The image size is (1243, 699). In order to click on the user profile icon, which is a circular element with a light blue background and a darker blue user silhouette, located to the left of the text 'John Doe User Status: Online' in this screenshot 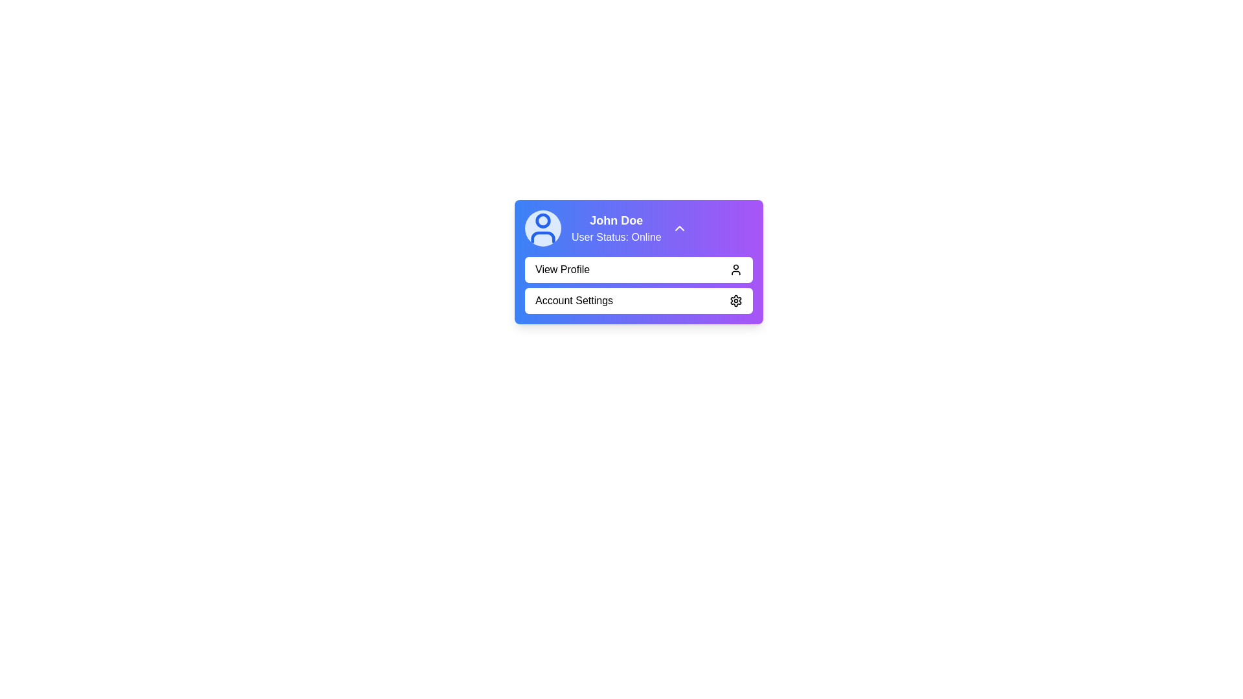, I will do `click(543, 228)`.